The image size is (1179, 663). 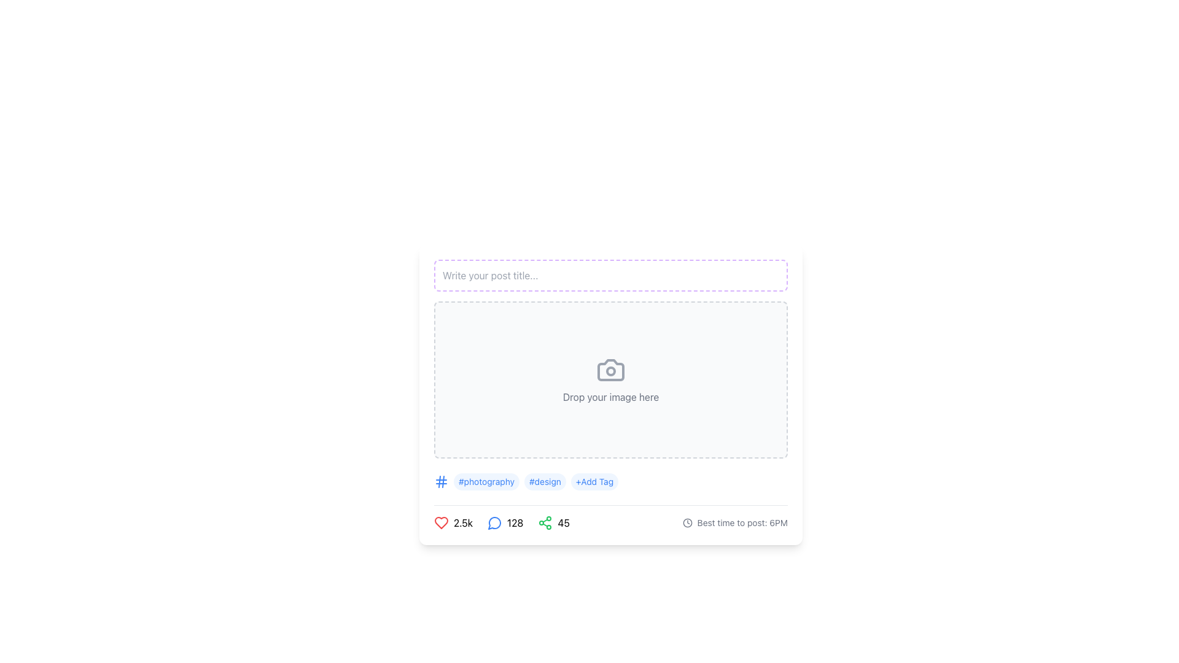 I want to click on guidance text from the instruction label located at the center of the card layout, below the camera icon, so click(x=610, y=397).